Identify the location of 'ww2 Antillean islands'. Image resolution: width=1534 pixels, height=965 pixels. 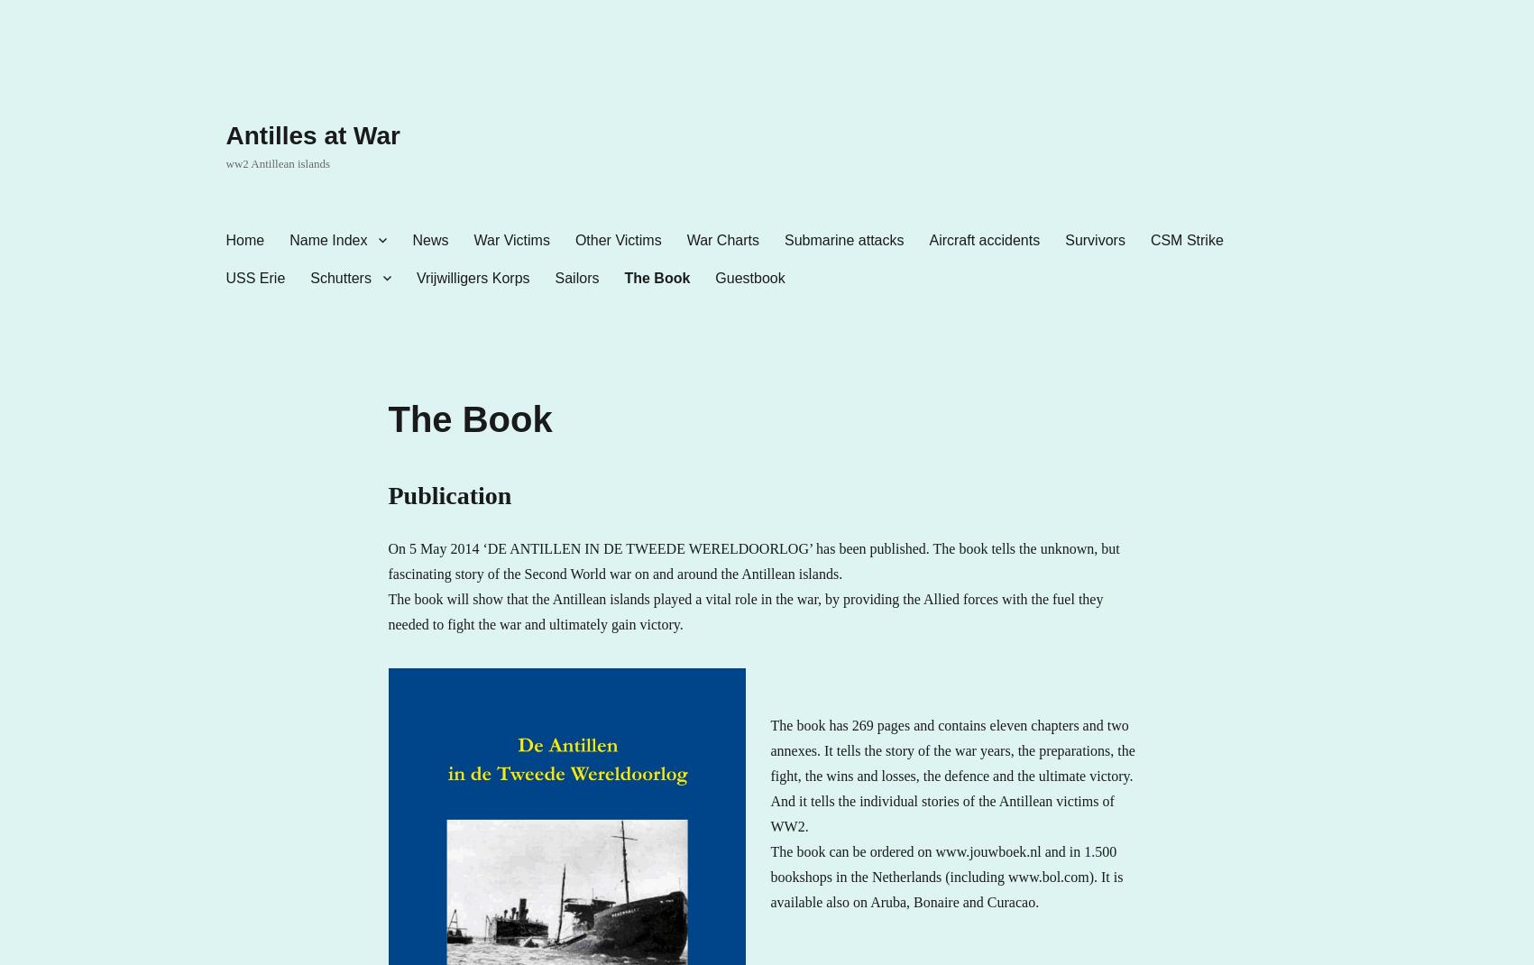
(278, 162).